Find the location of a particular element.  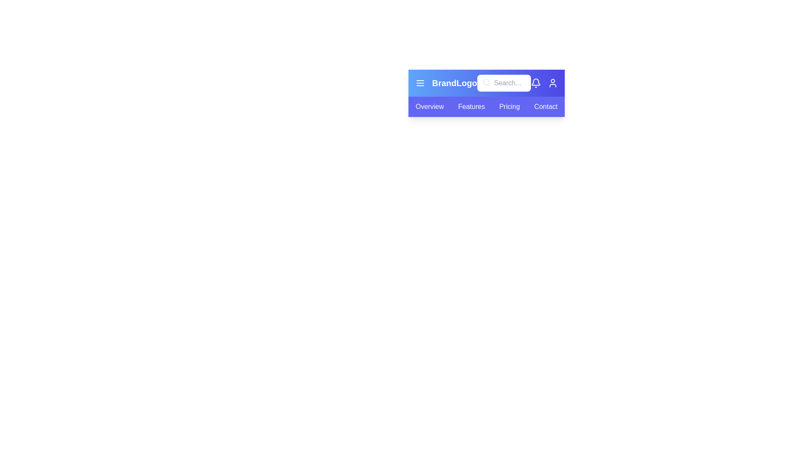

the tab labeled Overview from the navigation bar is located at coordinates (430, 106).